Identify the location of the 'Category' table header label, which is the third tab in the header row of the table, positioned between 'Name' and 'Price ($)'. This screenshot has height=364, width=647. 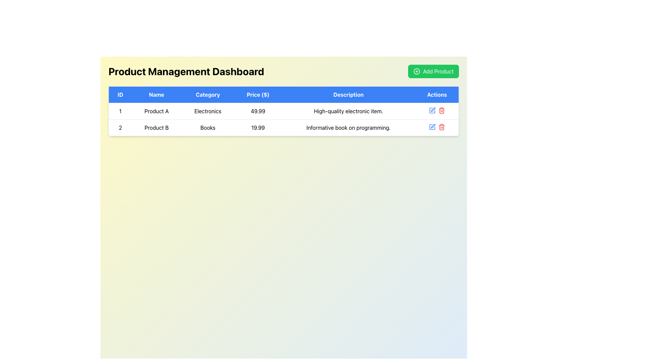
(208, 95).